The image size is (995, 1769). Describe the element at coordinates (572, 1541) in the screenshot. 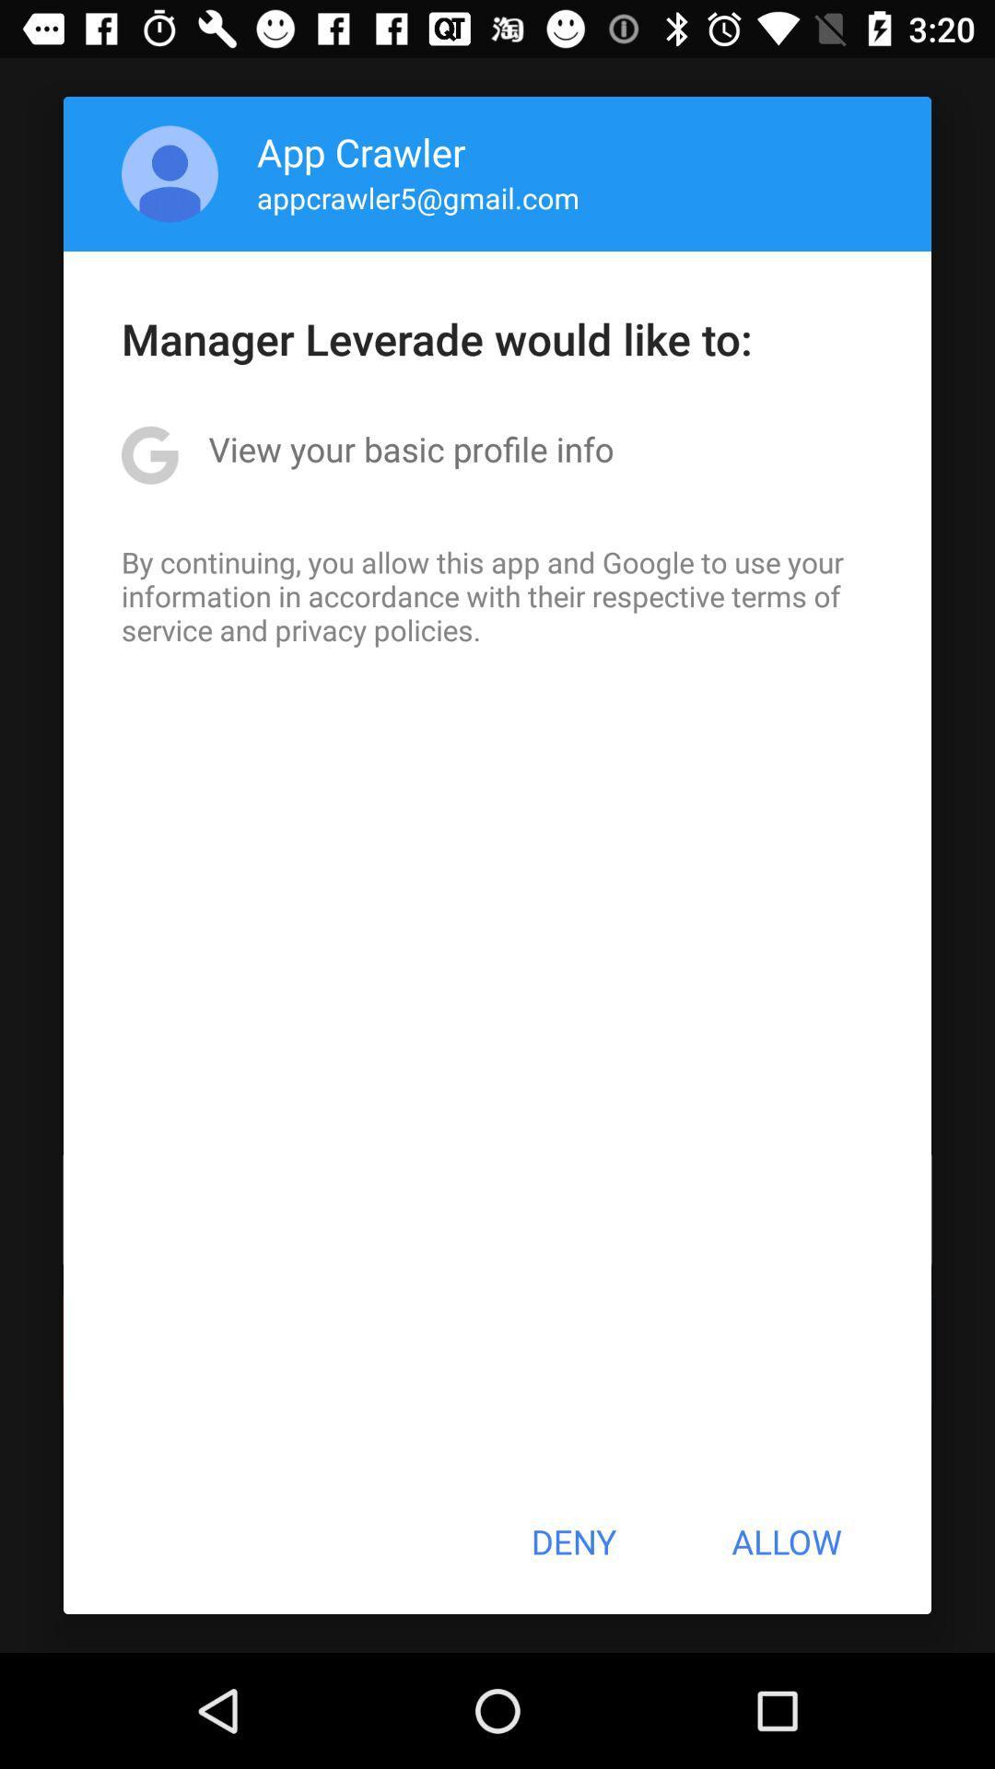

I see `deny icon` at that location.